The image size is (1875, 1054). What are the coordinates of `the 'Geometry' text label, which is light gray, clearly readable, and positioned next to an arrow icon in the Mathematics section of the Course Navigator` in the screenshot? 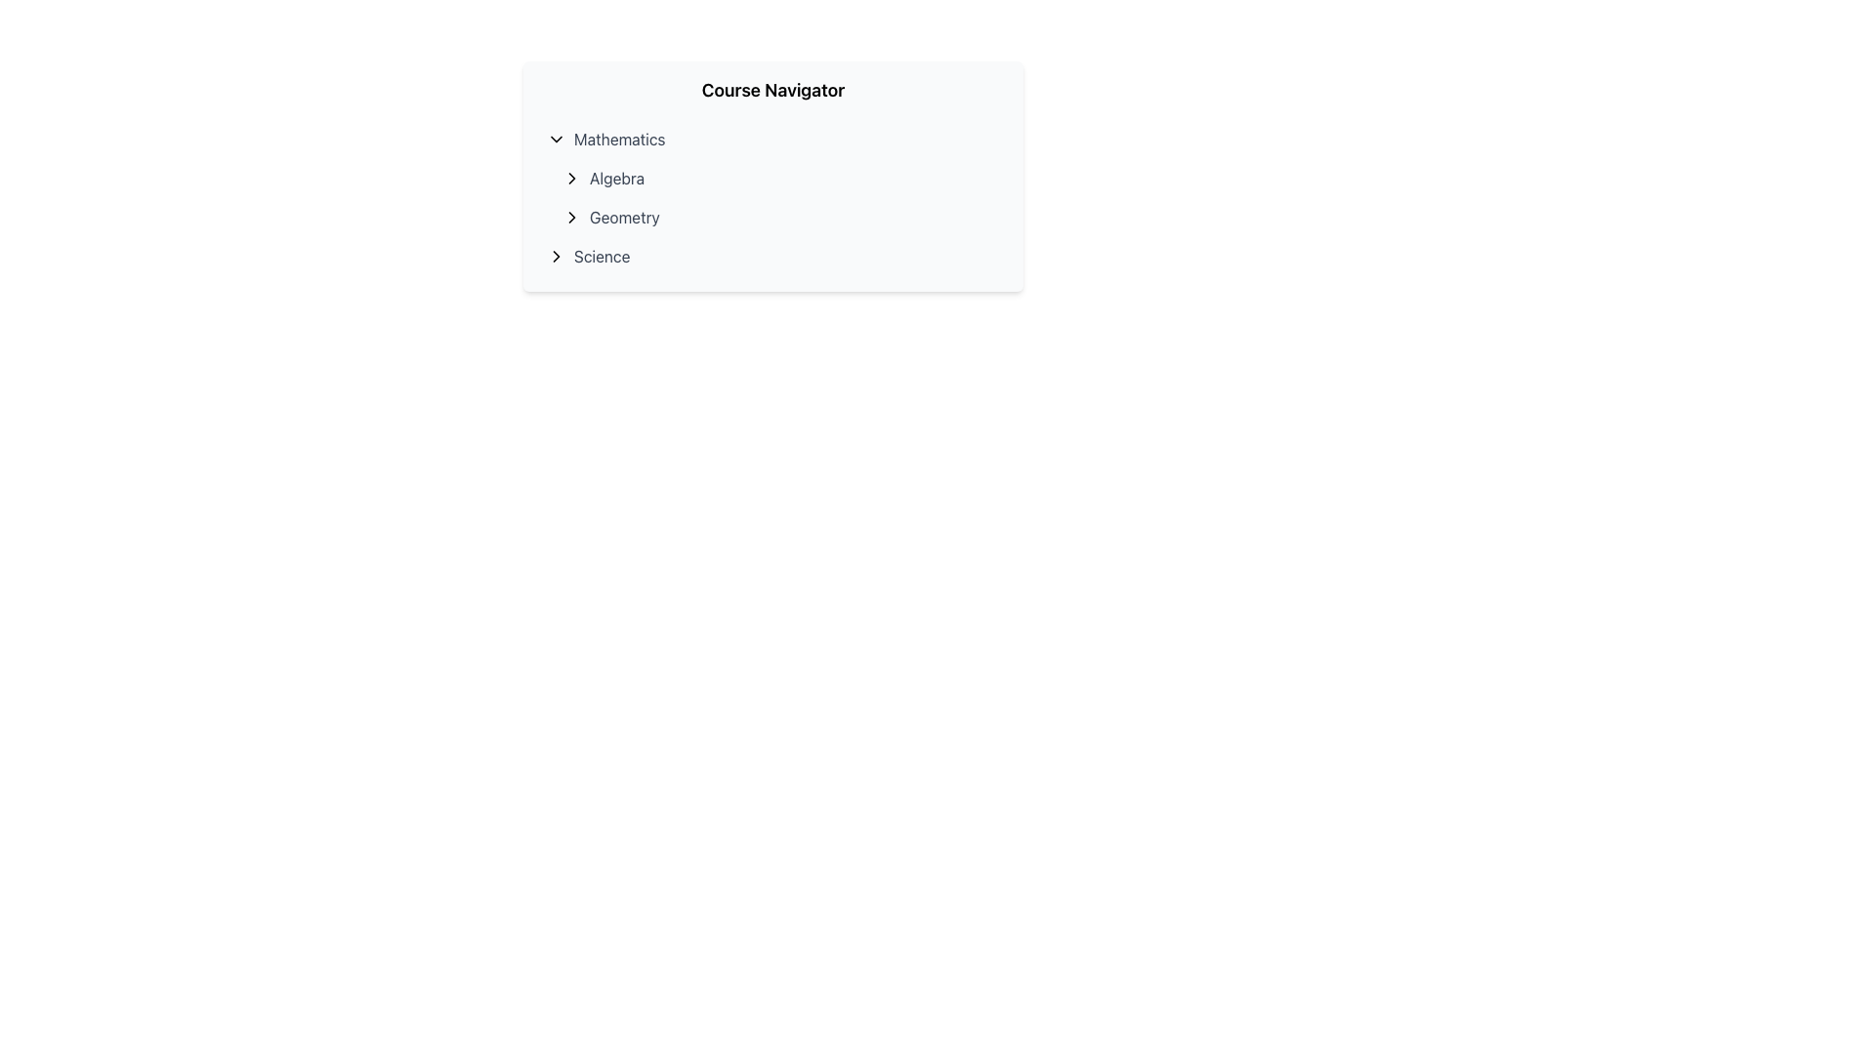 It's located at (623, 218).